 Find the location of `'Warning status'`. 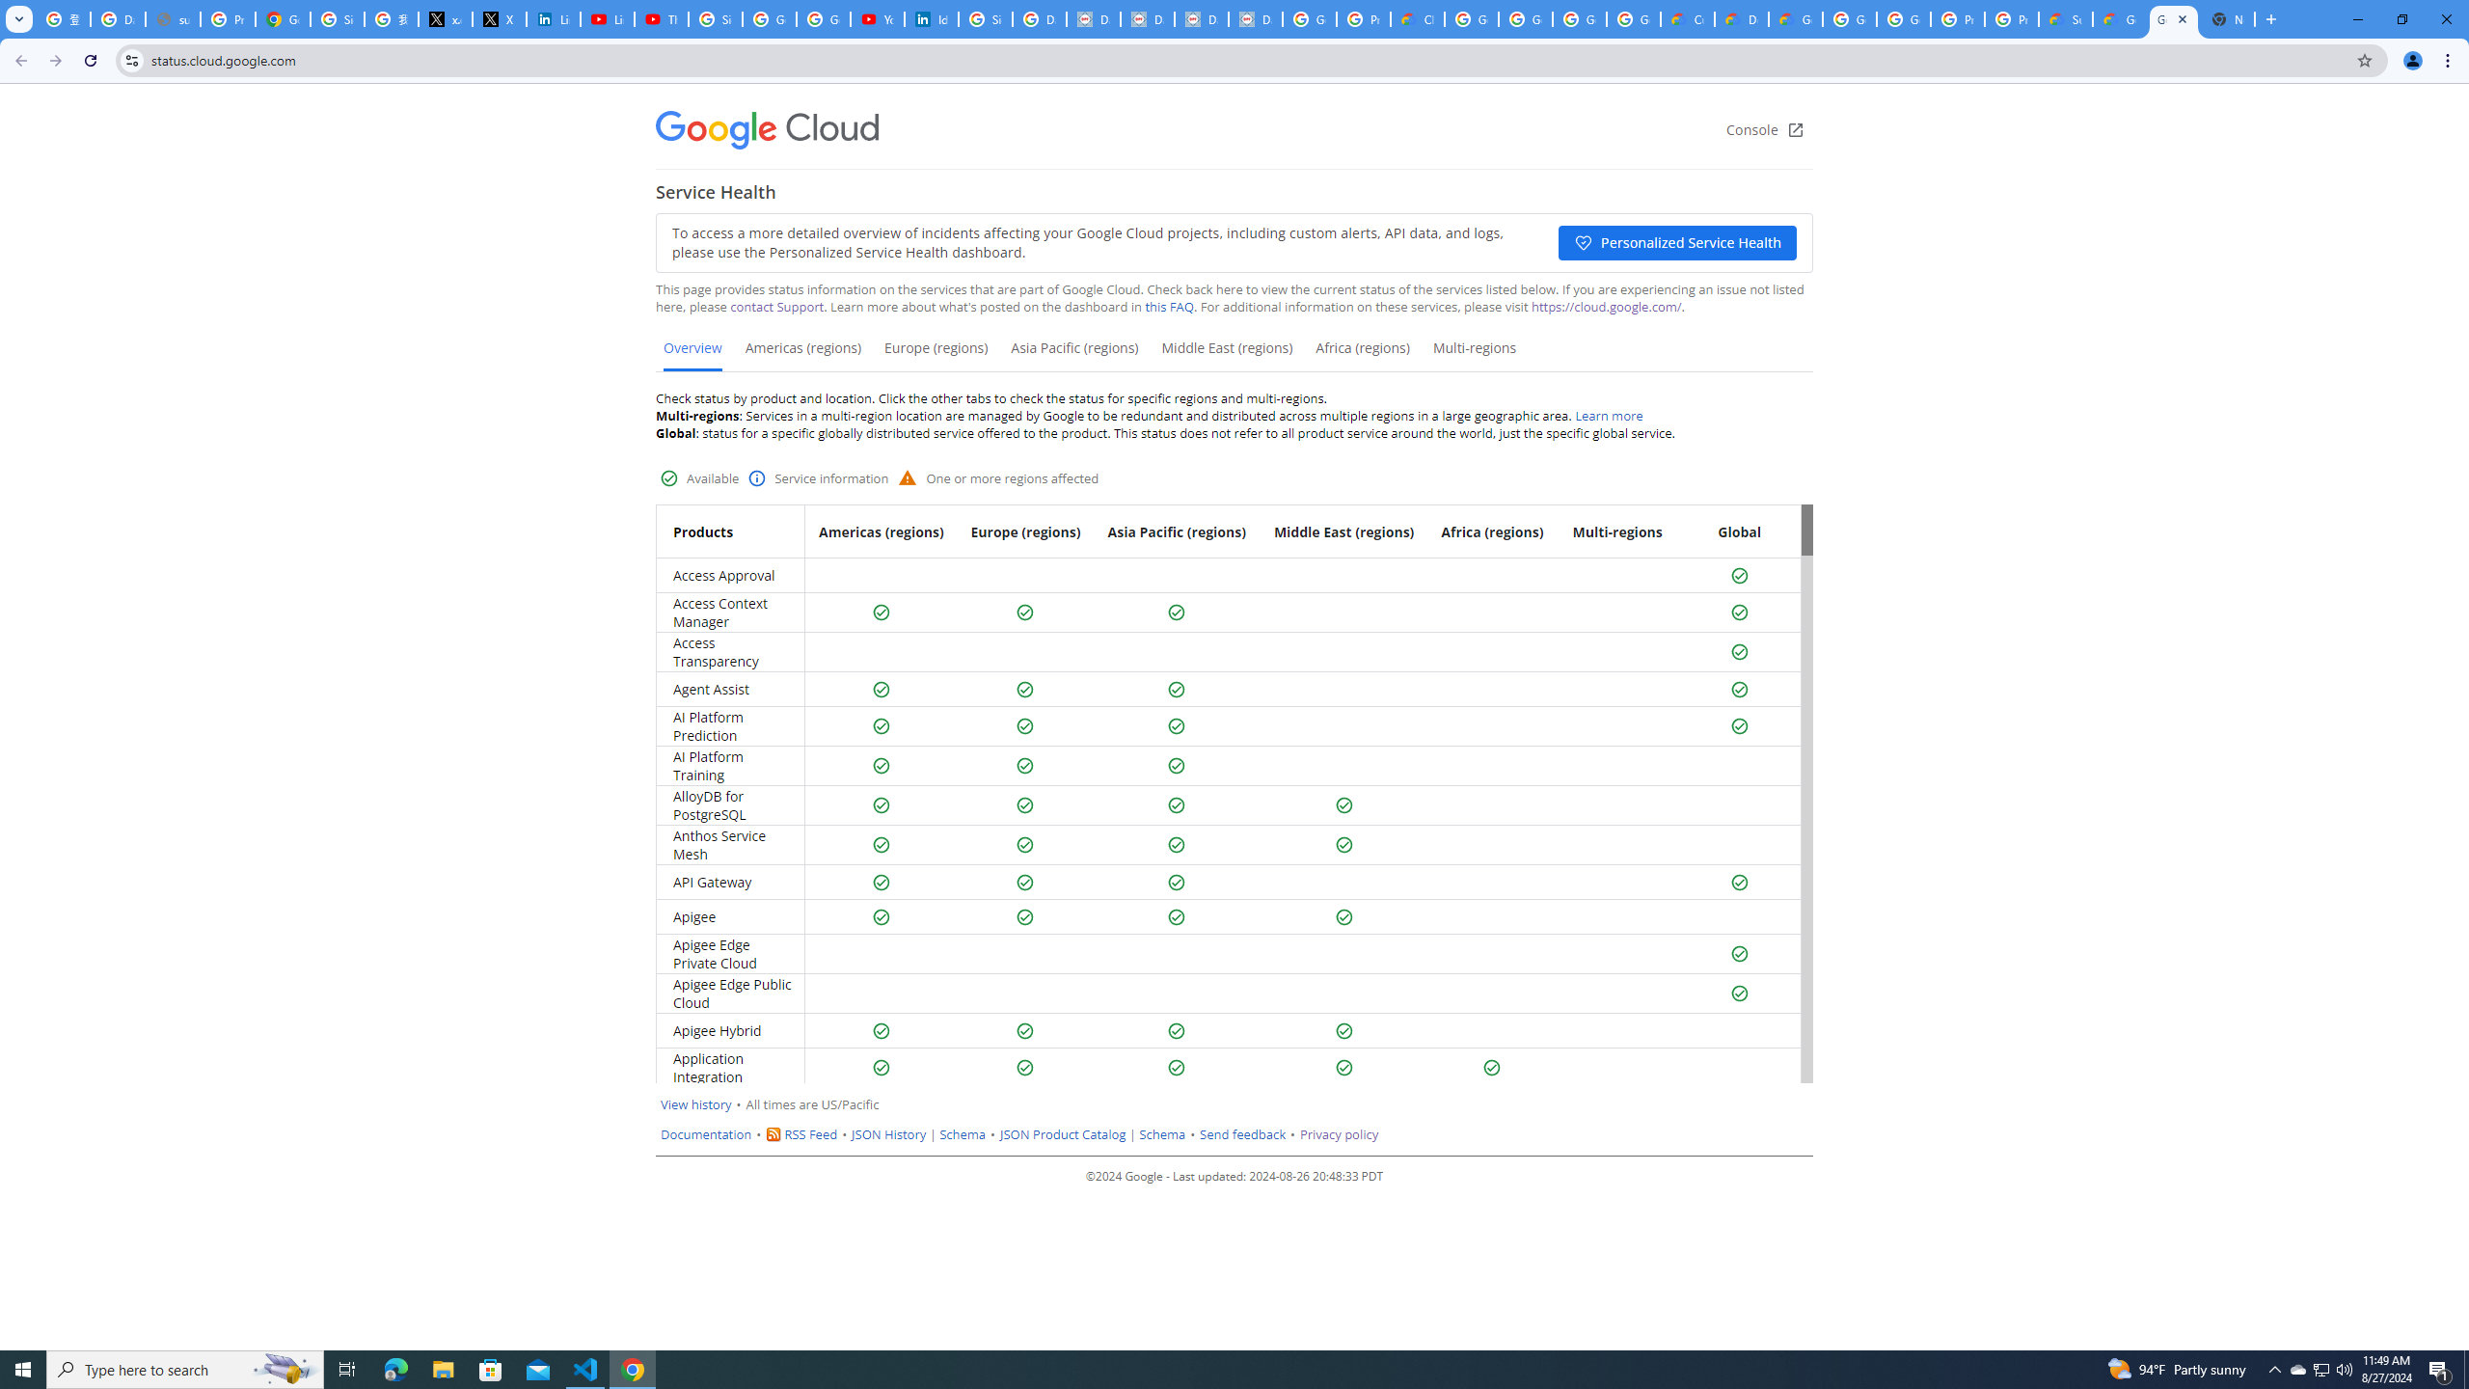

'Warning status' is located at coordinates (908, 477).